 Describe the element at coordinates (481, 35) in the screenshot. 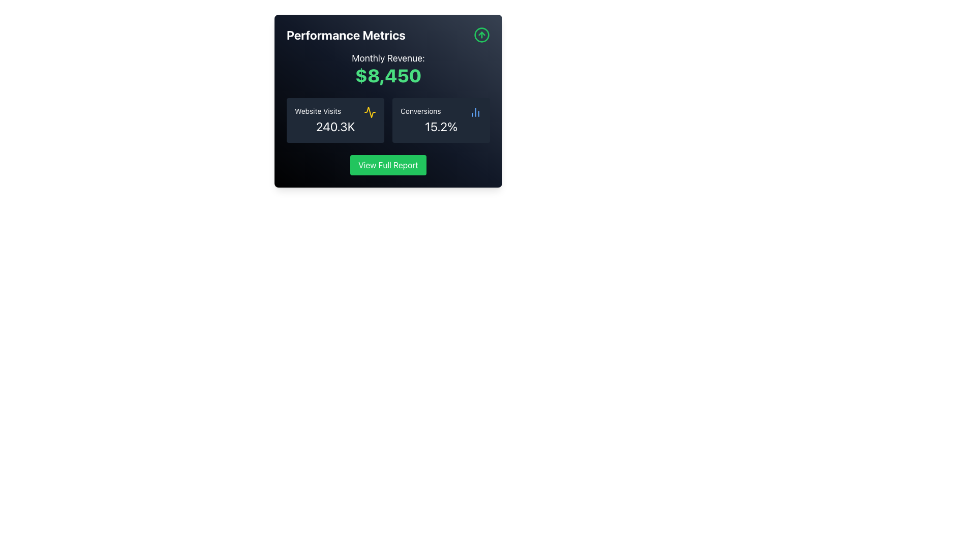

I see `the upward arrow icon enclosed in a circle located in the top-right corner of the 'Performance Metrics' section to signify positive progress or improvement` at that location.